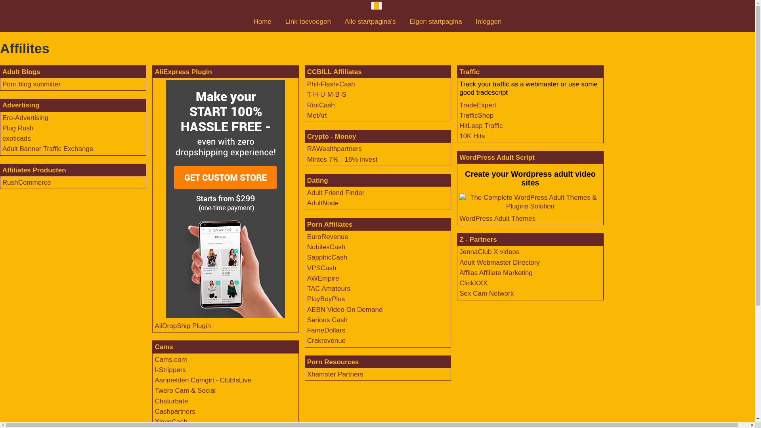 The image size is (761, 428). I want to click on 'Affiliates Producten', so click(34, 170).